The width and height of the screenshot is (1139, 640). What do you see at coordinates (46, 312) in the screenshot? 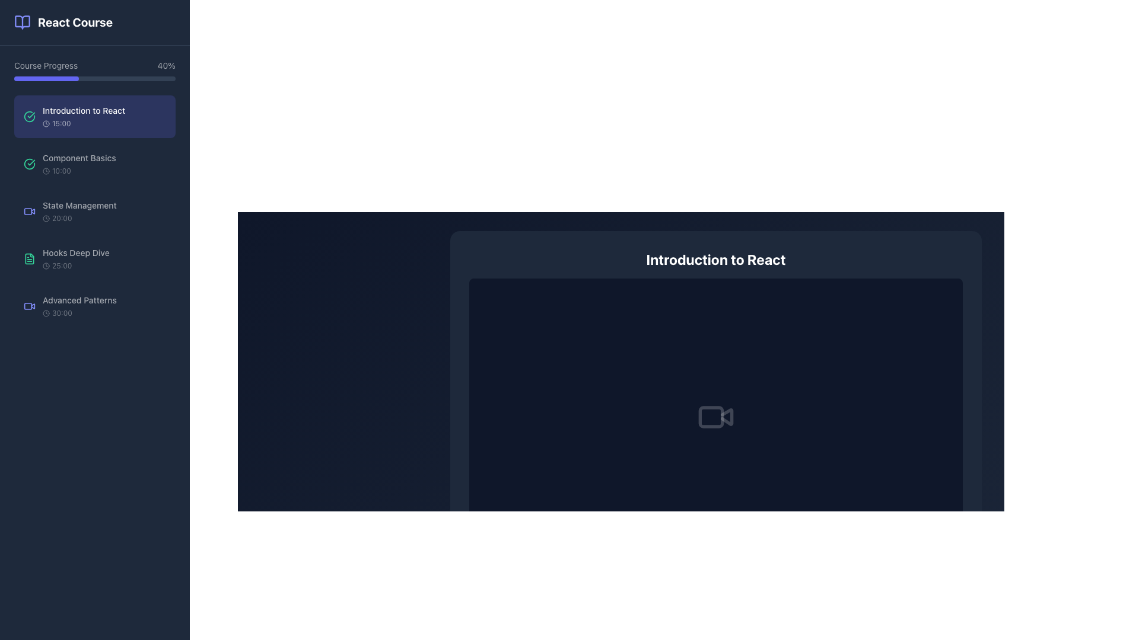
I see `the circular vector graphic element resembling a clock's outline, located in the sidebar next to the course duration text` at bounding box center [46, 312].